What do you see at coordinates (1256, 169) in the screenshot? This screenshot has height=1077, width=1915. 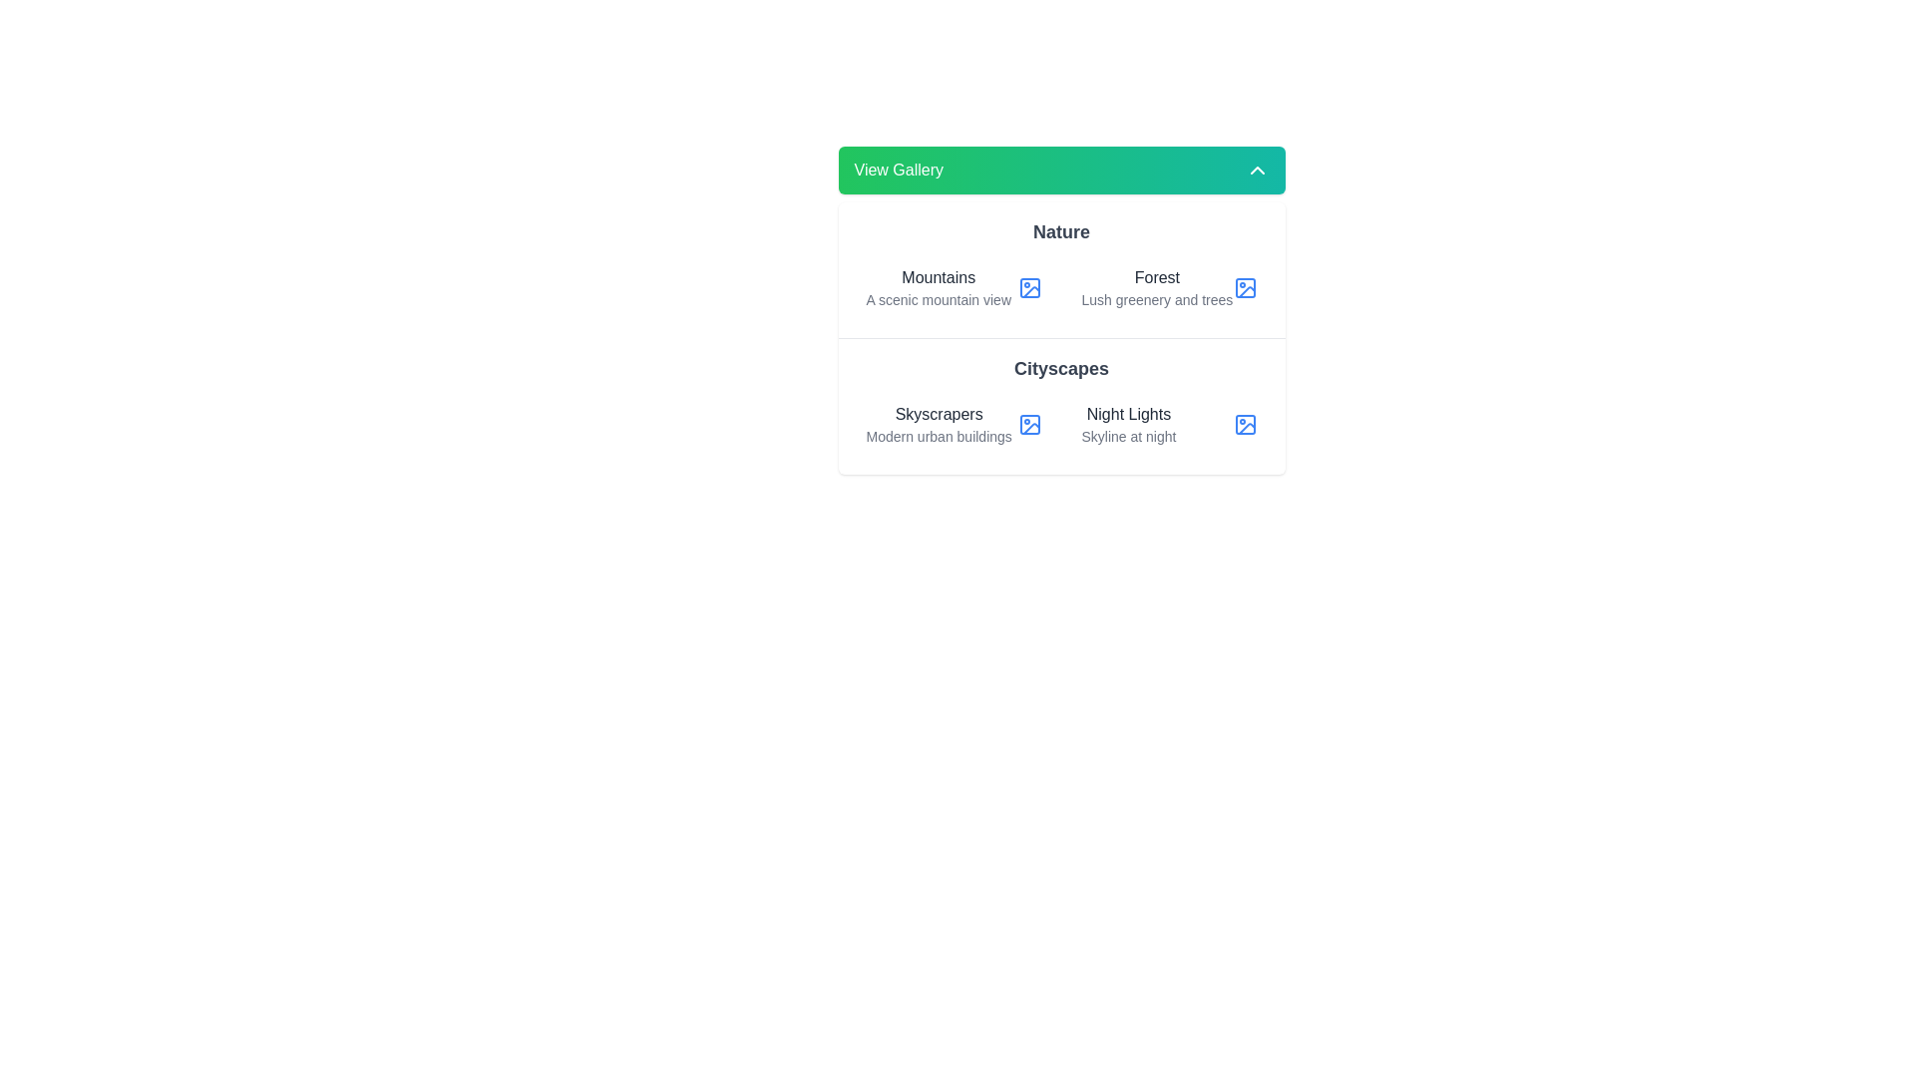 I see `the upward-facing white chevron icon located on the far-right end of the green gradient 'View Gallery' button` at bounding box center [1256, 169].